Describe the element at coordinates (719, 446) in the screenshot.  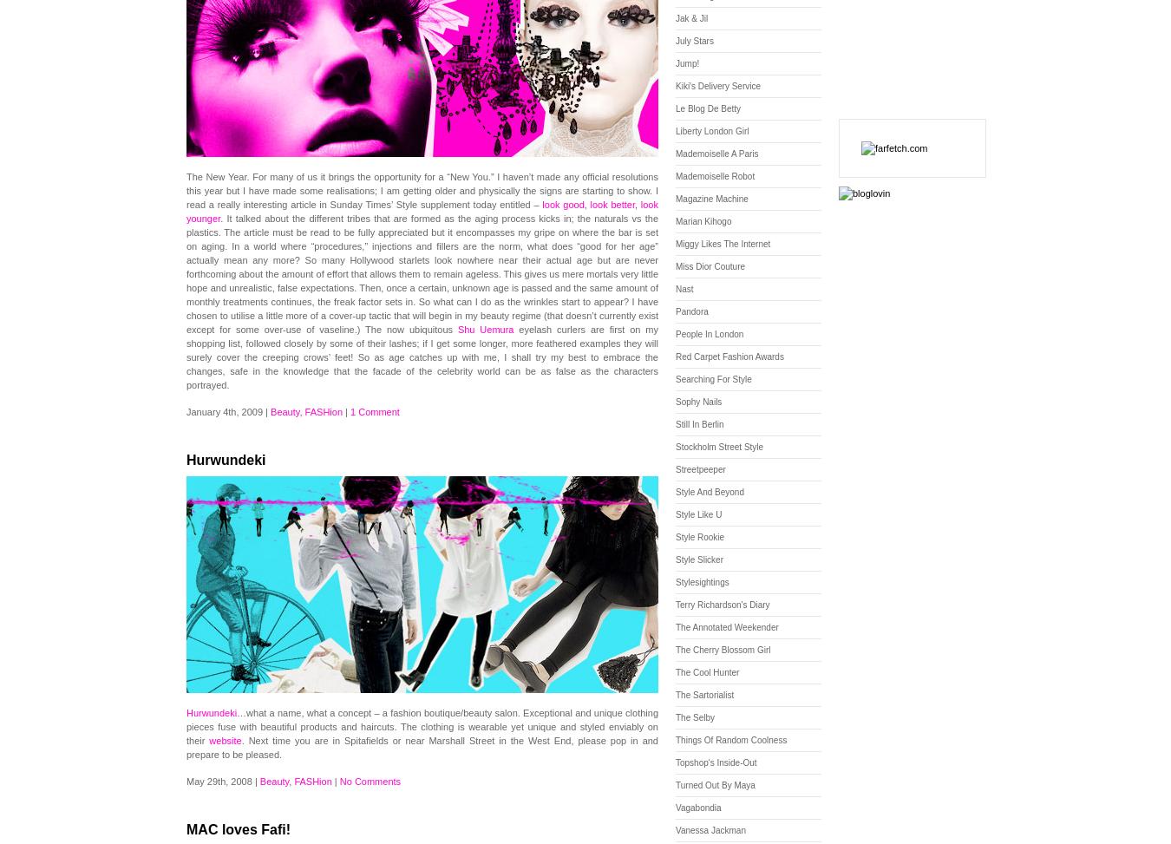
I see `'Stockholm Street Style'` at that location.